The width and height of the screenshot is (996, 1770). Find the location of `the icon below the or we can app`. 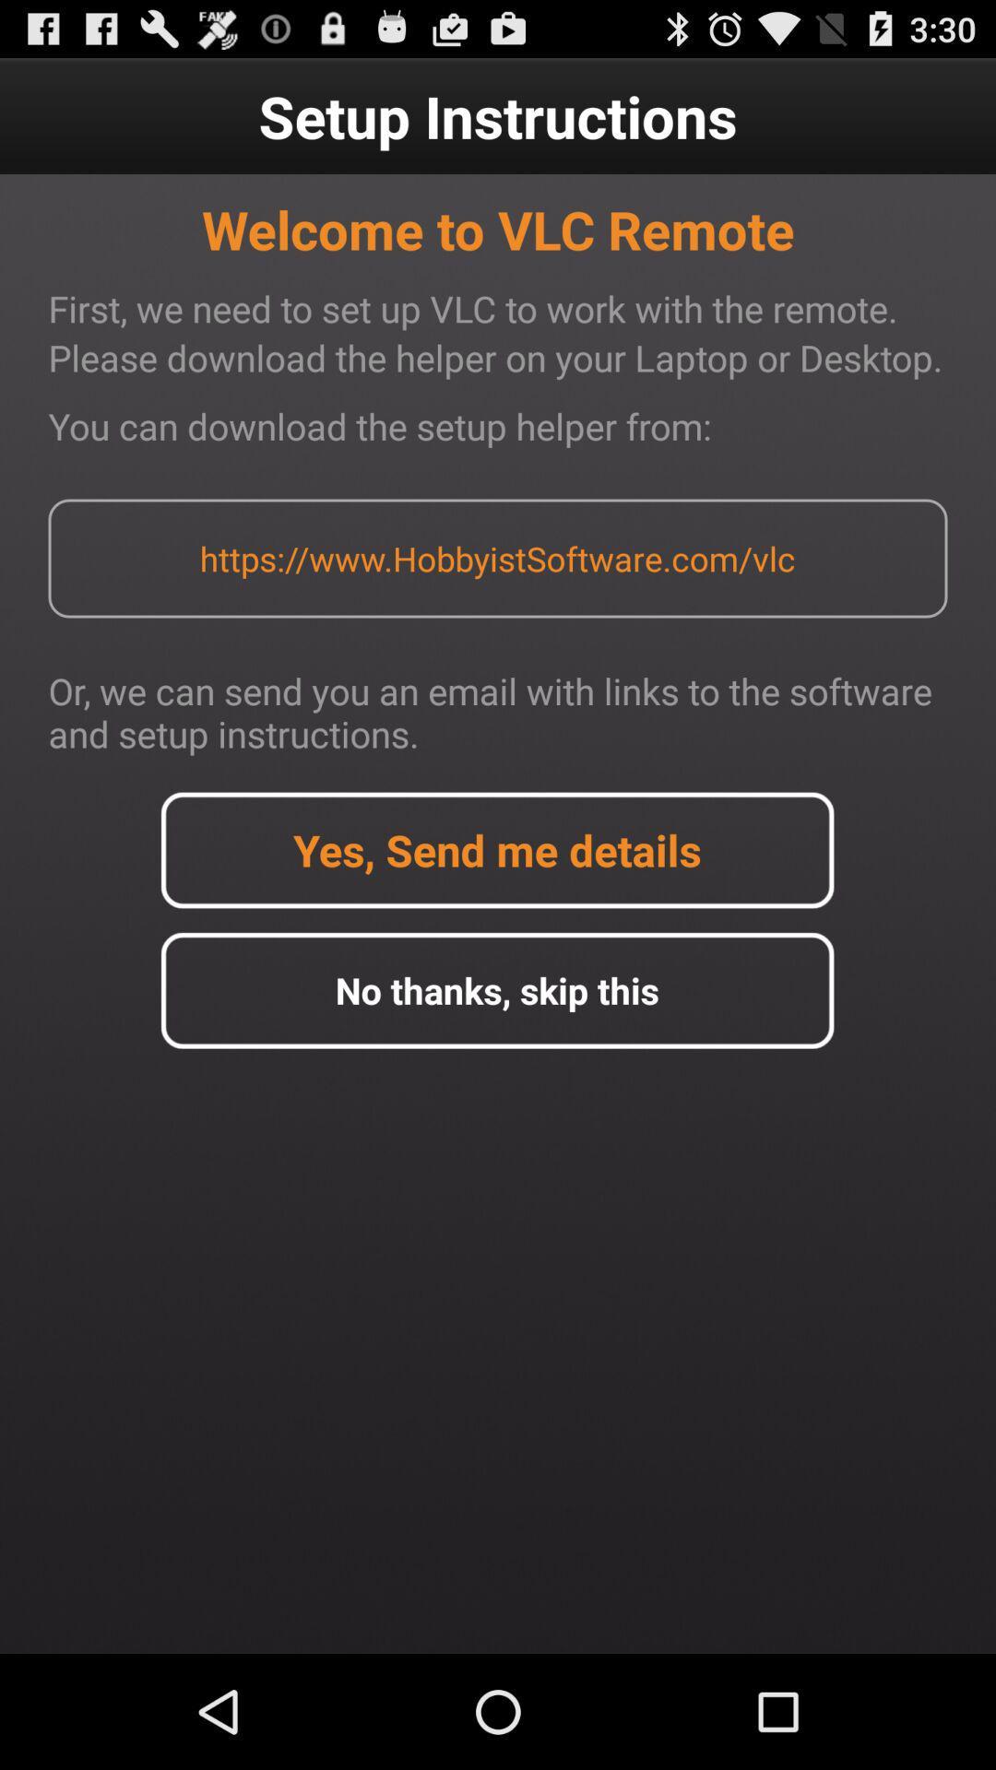

the icon below the or we can app is located at coordinates (496, 849).